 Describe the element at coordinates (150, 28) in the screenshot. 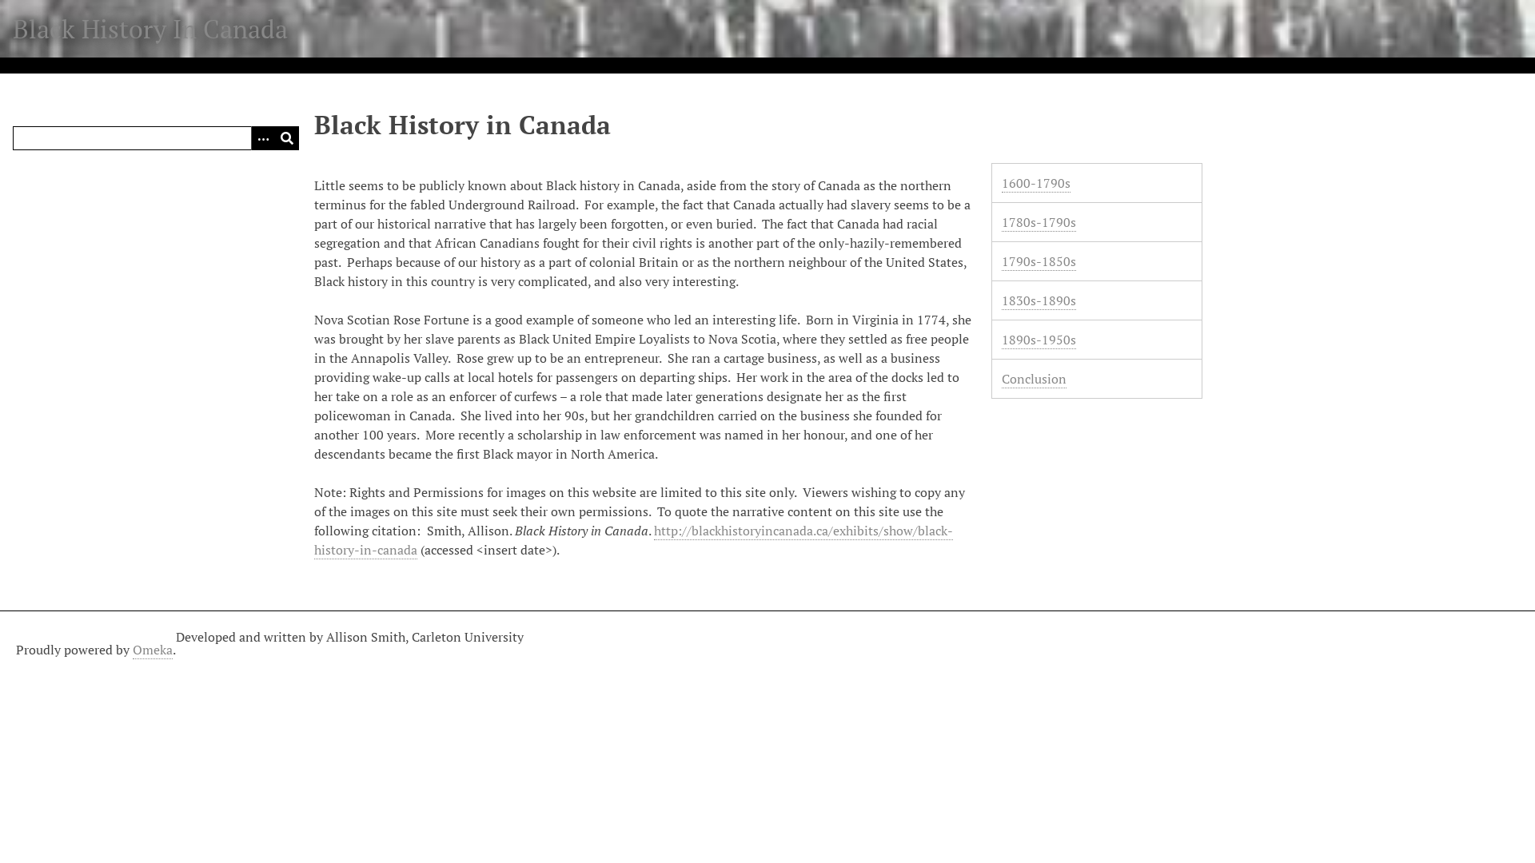

I see `'Black History In Canada'` at that location.